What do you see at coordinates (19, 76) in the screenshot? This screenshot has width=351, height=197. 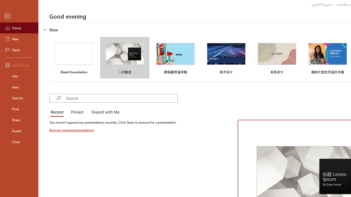 I see `'Info'` at bounding box center [19, 76].